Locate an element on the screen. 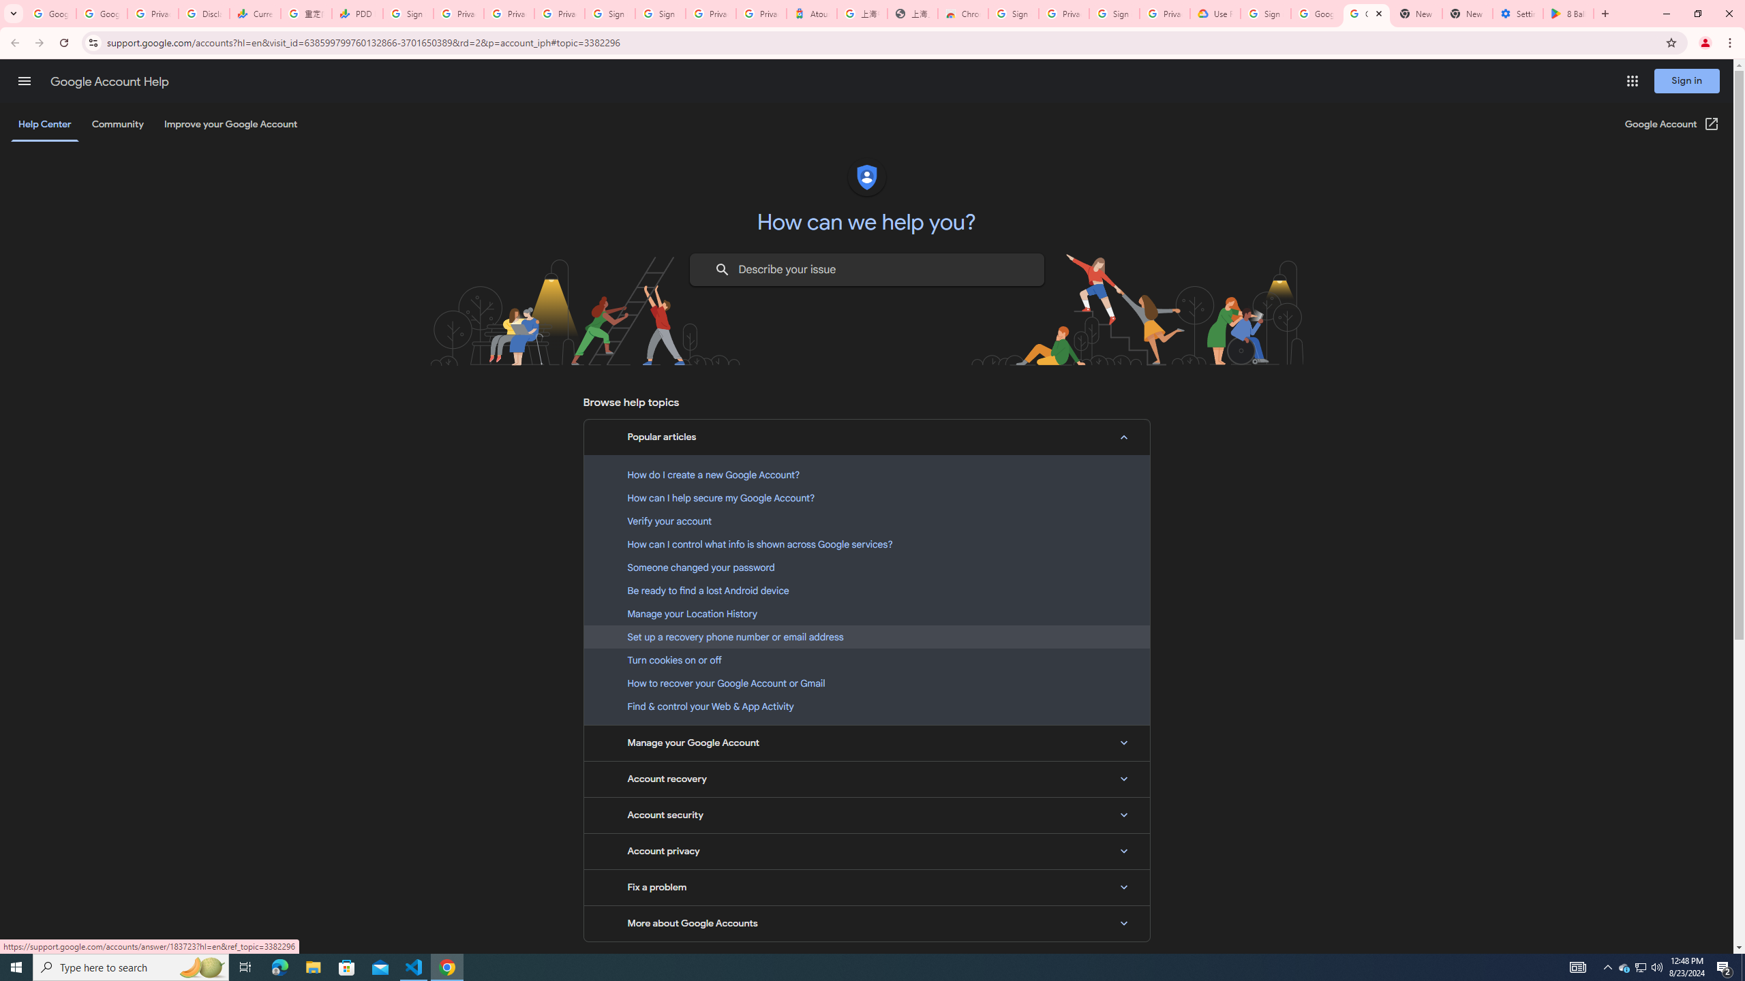 The width and height of the screenshot is (1745, 981). 'Describe your issue to find information that might help you.' is located at coordinates (866, 269).